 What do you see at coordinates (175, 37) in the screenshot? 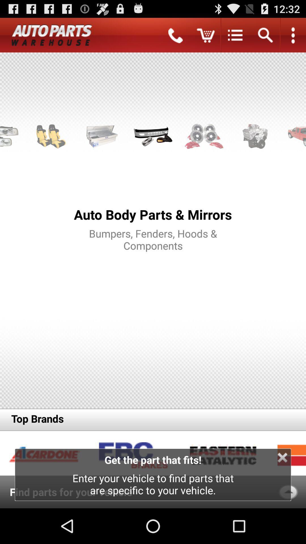
I see `the call icon` at bounding box center [175, 37].